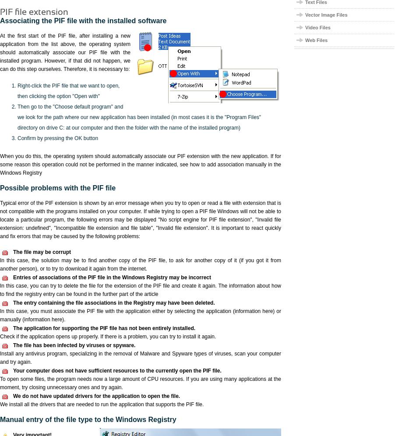 The height and width of the screenshot is (436, 395). Describe the element at coordinates (13, 370) in the screenshot. I see `'Your computer does not have sufficient resources to the currently open the PIF file.'` at that location.